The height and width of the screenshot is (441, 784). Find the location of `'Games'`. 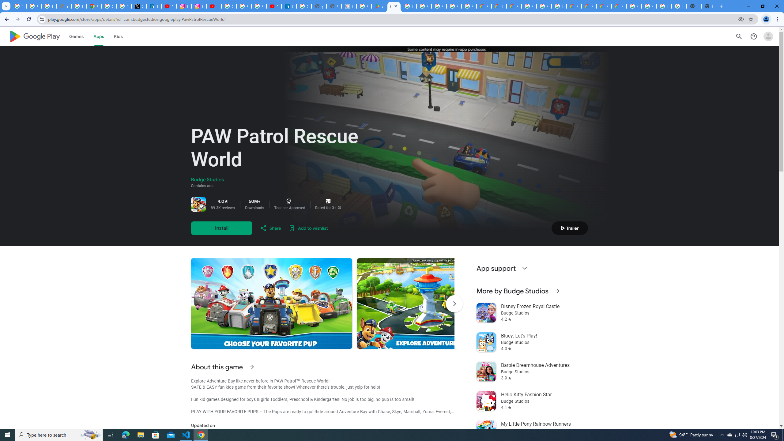

'Games' is located at coordinates (76, 36).